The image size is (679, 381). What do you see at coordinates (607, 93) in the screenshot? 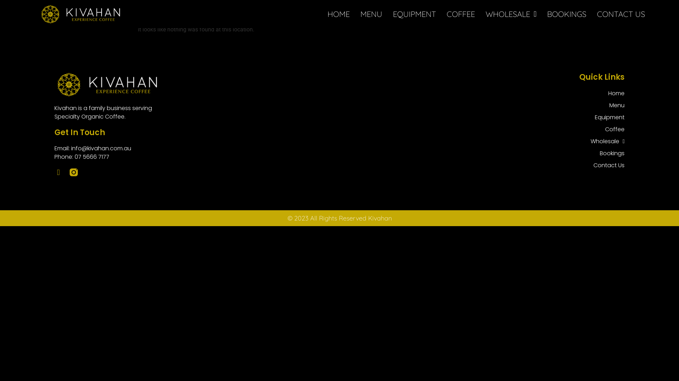
I see `'Home'` at bounding box center [607, 93].